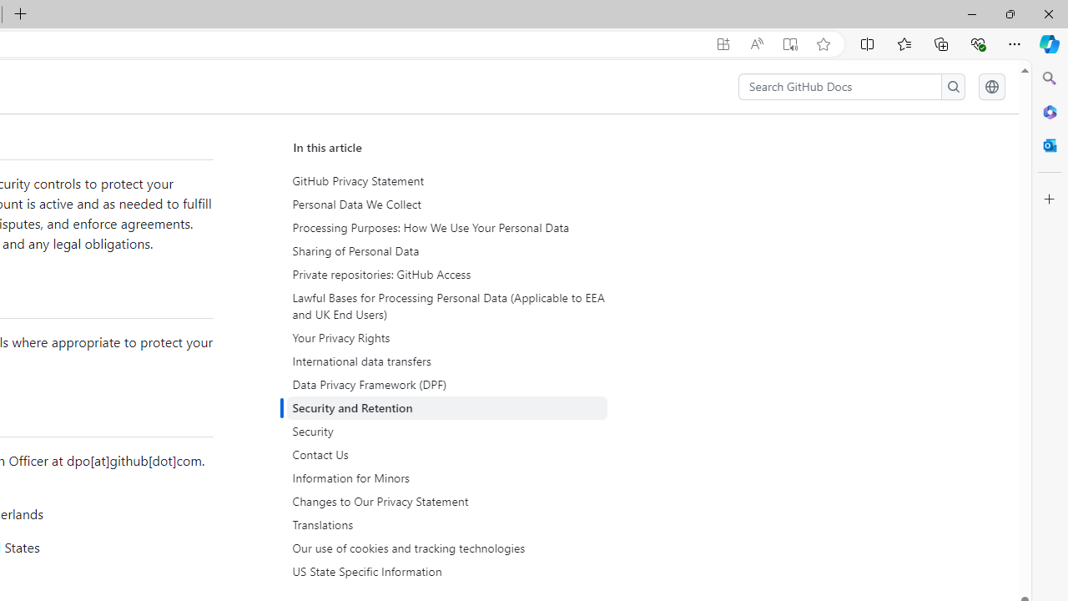 The width and height of the screenshot is (1068, 601). I want to click on 'Private repositories: GitHub Access', so click(446, 274).